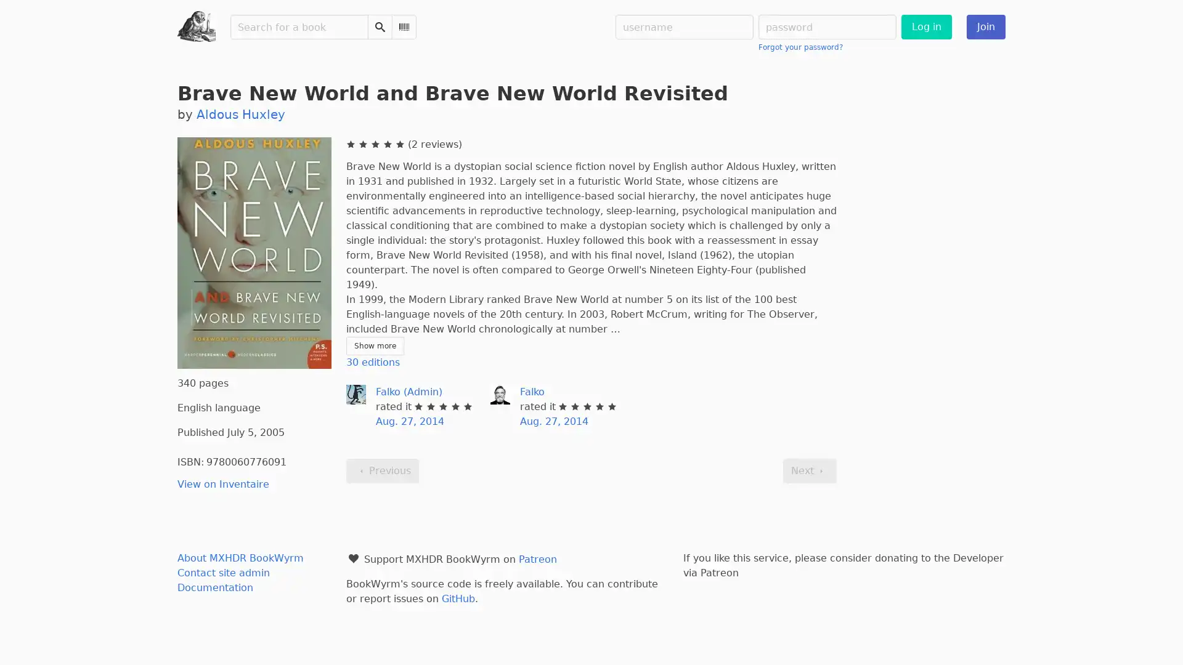 The height and width of the screenshot is (665, 1183). Describe the element at coordinates (253, 252) in the screenshot. I see `Brave New World and Brave New World Revisited (2005) Click to enlarge` at that location.